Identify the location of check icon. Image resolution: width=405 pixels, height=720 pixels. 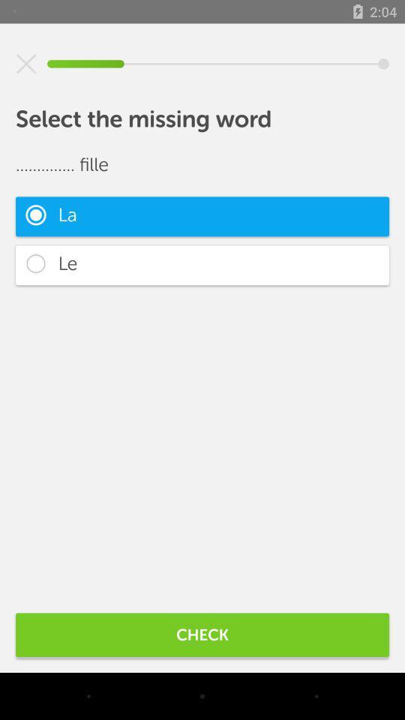
(202, 634).